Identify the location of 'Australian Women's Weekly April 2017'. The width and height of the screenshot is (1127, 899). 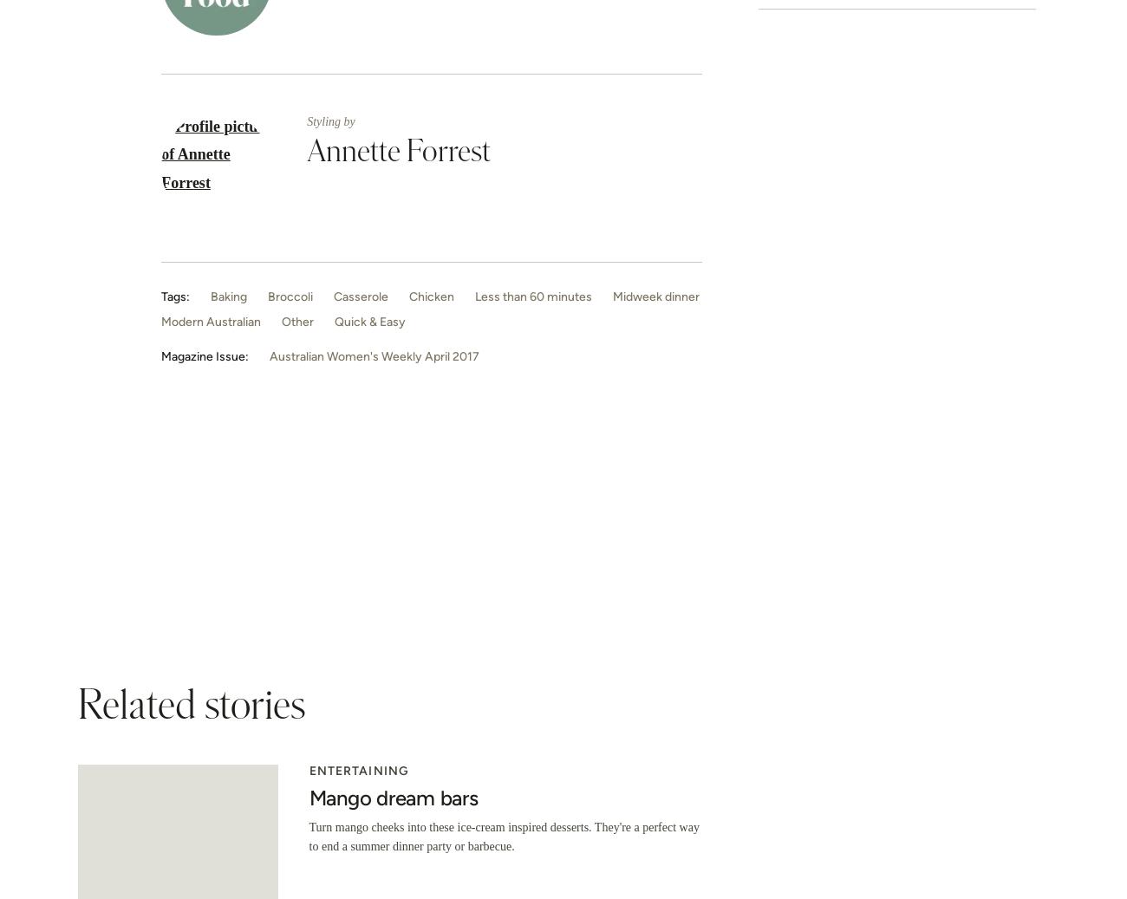
(374, 355).